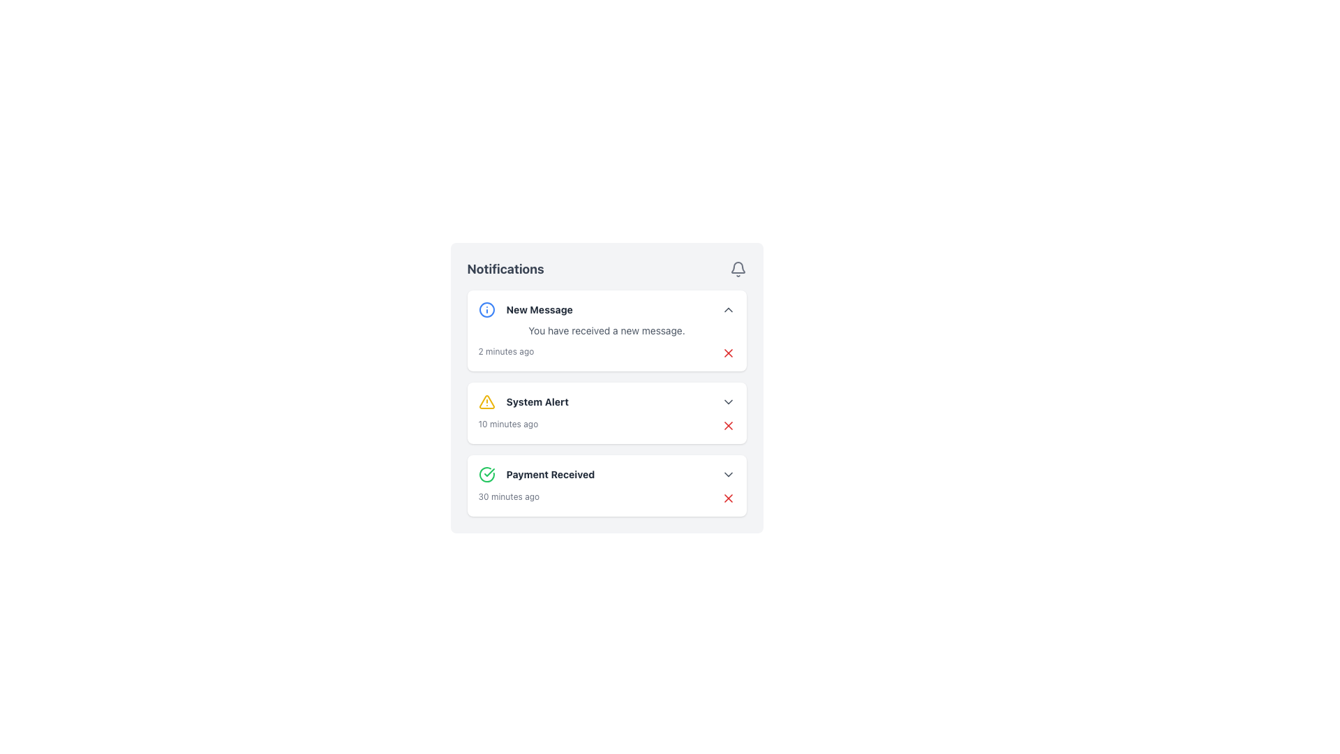  What do you see at coordinates (508, 497) in the screenshot?
I see `the timestamp text label located at the bottom-right corner of the 'Payment Received' notification card` at bounding box center [508, 497].